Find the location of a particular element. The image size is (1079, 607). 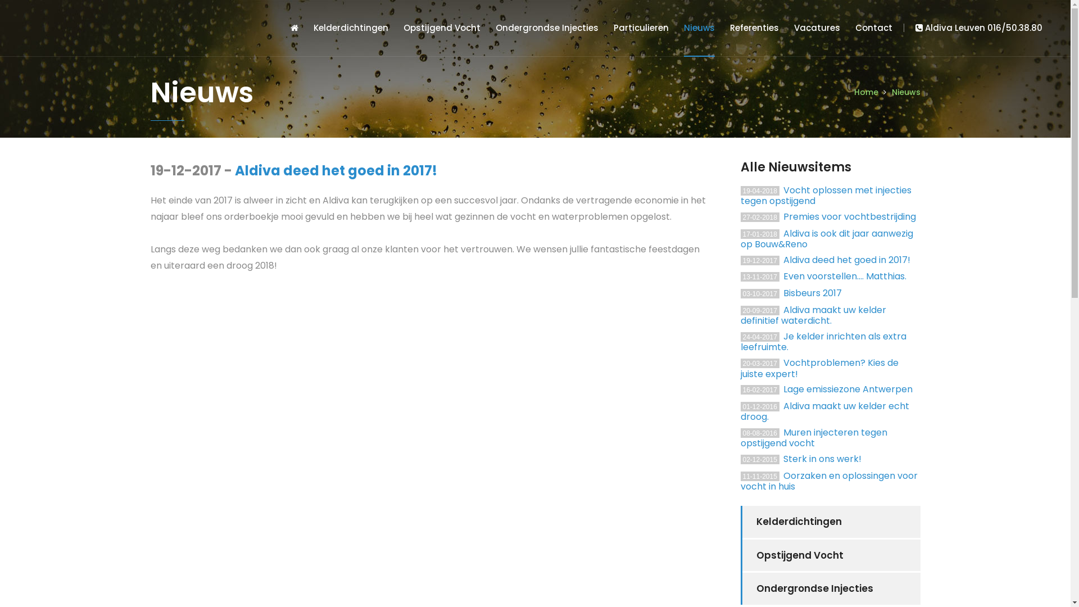

'Aldiva maakt uw kelder definitief waterdicht.' is located at coordinates (813, 315).